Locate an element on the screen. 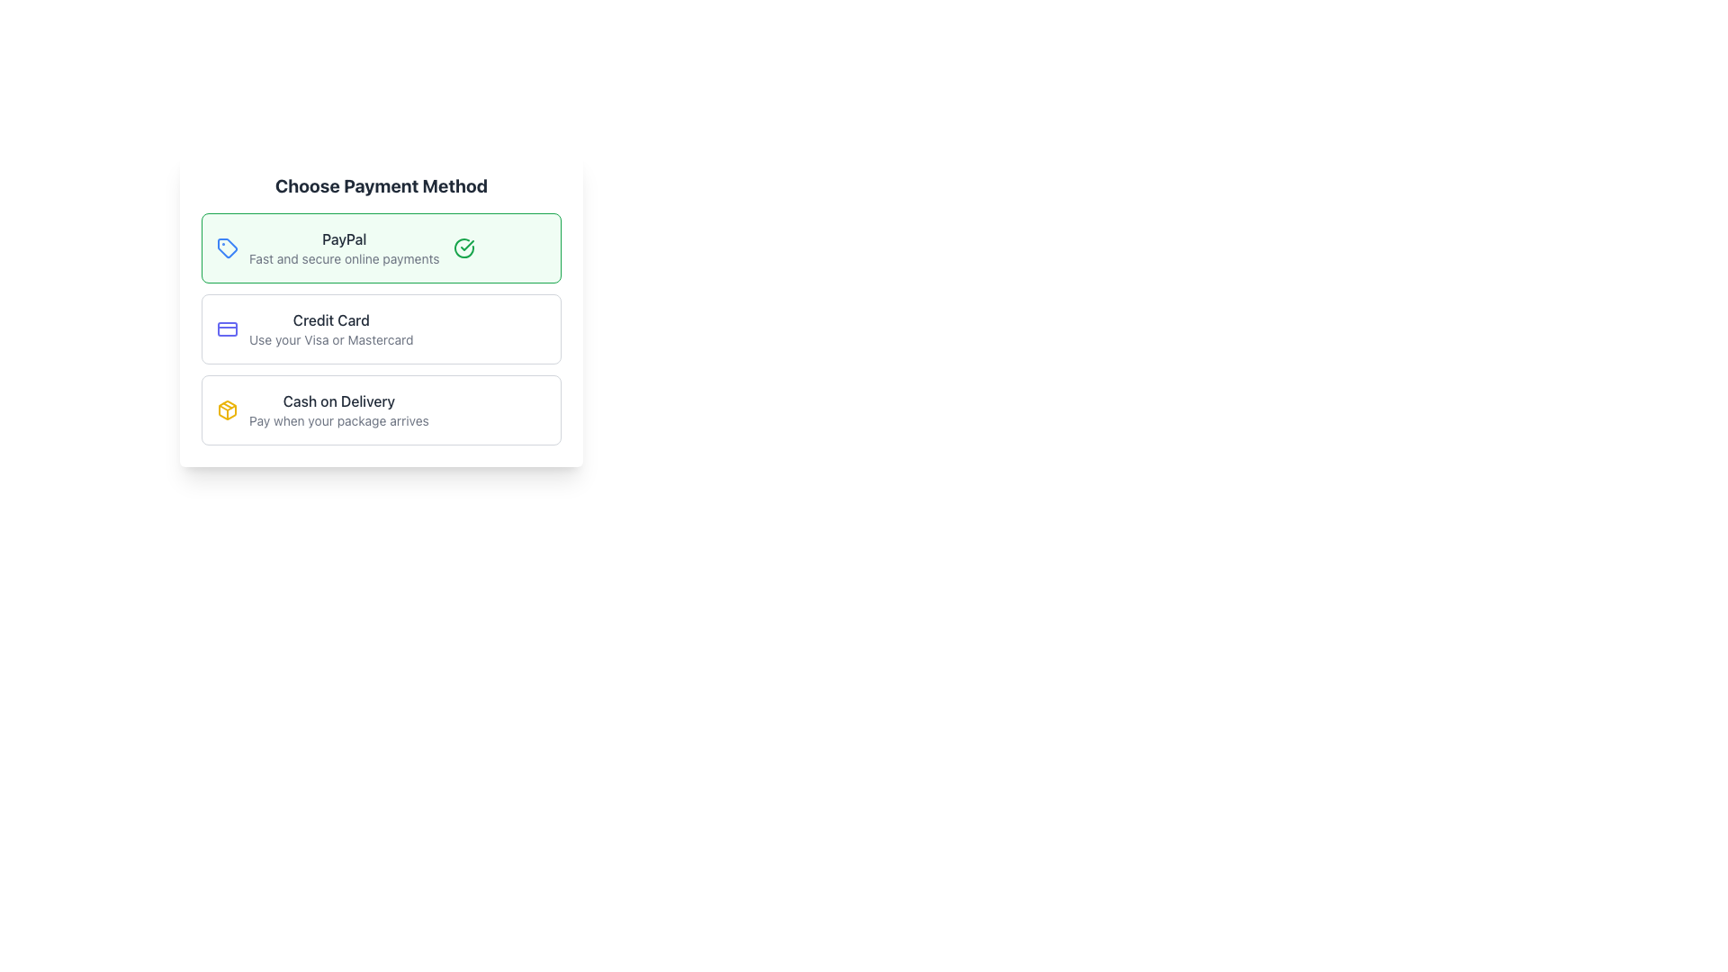  the triangular decorative graphic component representing the 'Cash on Delivery' payment method icon, which is centrally located within the payment method selection area is located at coordinates (227, 408).